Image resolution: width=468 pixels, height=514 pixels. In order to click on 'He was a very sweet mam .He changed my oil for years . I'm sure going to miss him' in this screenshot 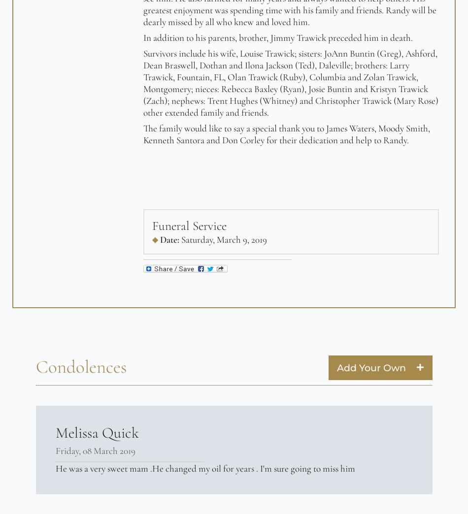, I will do `click(204, 467)`.